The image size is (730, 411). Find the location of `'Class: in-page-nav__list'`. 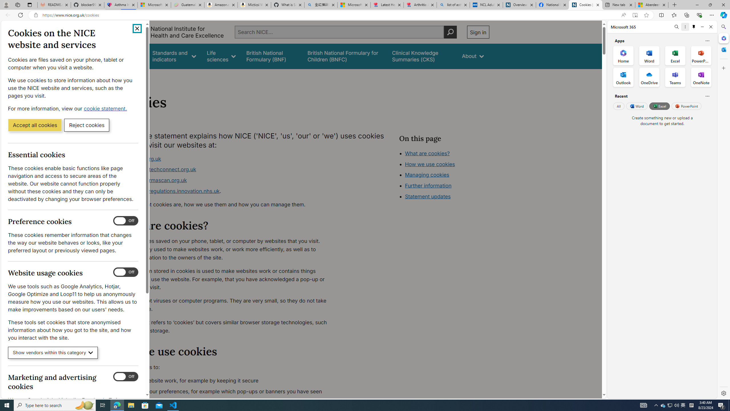

'Class: in-page-nav__list' is located at coordinates (444, 175).